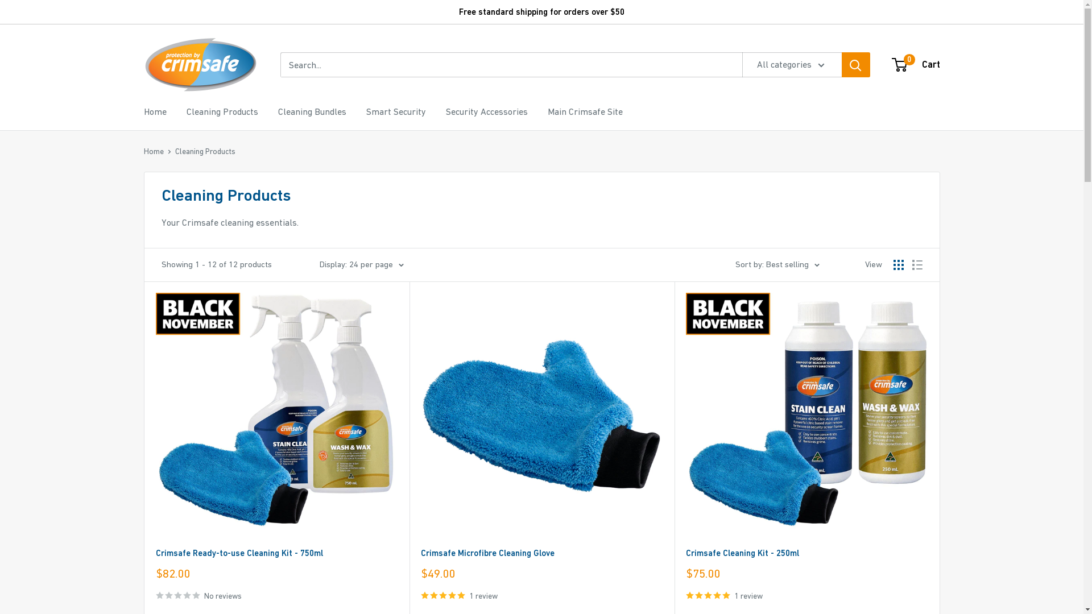 The height and width of the screenshot is (614, 1092). I want to click on 'Main Crimsafe Site', so click(547, 111).